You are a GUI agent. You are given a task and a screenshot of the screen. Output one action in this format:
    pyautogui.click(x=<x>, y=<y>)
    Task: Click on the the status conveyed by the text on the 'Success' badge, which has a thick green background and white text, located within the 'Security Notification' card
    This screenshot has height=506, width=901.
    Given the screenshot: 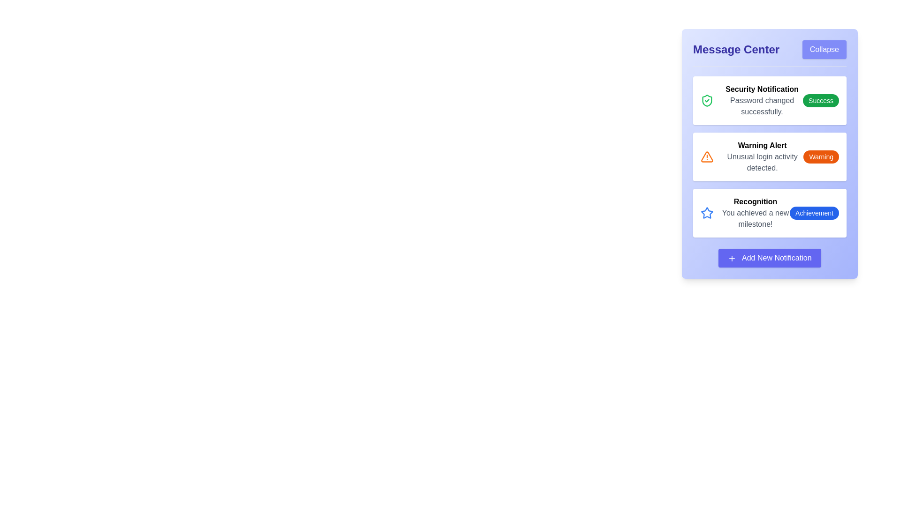 What is the action you would take?
    pyautogui.click(x=820, y=101)
    